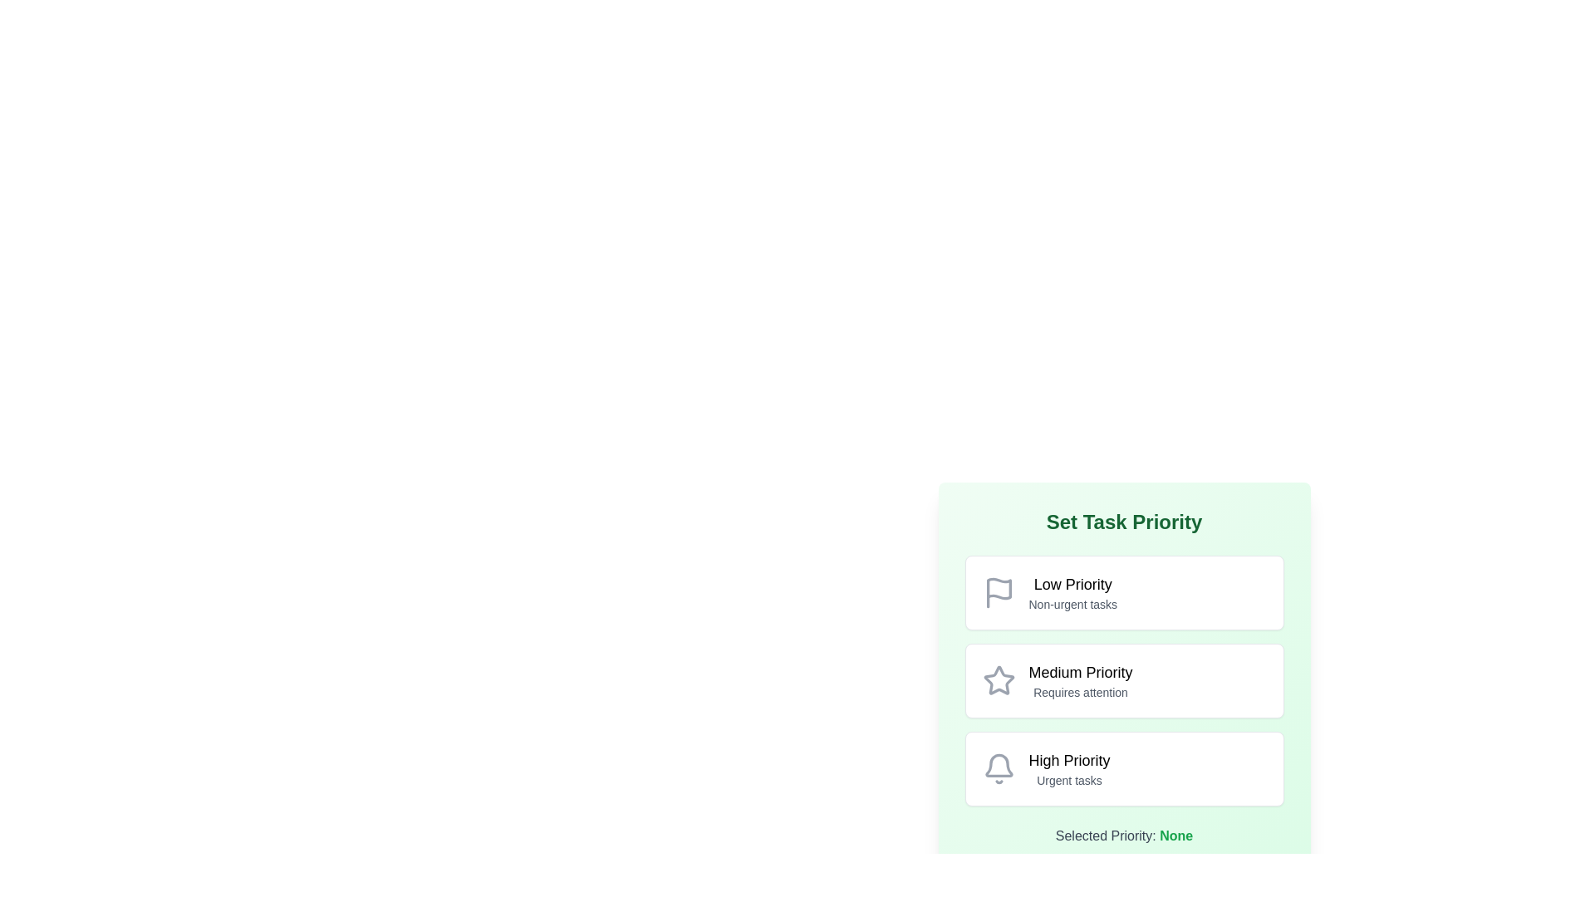  Describe the element at coordinates (998, 680) in the screenshot. I see `the star icon representing 'Medium Priority' in the task priority selection interface` at that location.